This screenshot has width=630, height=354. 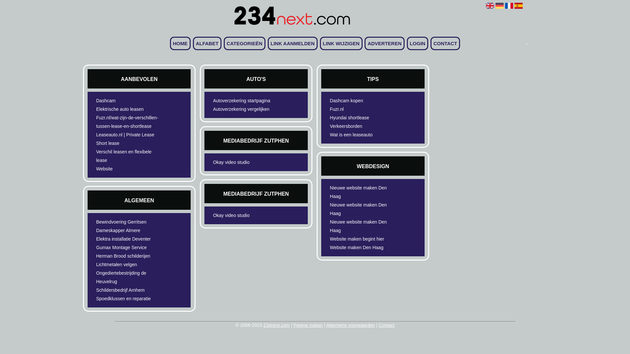 What do you see at coordinates (406, 43) in the screenshot?
I see `'LOGIN'` at bounding box center [406, 43].